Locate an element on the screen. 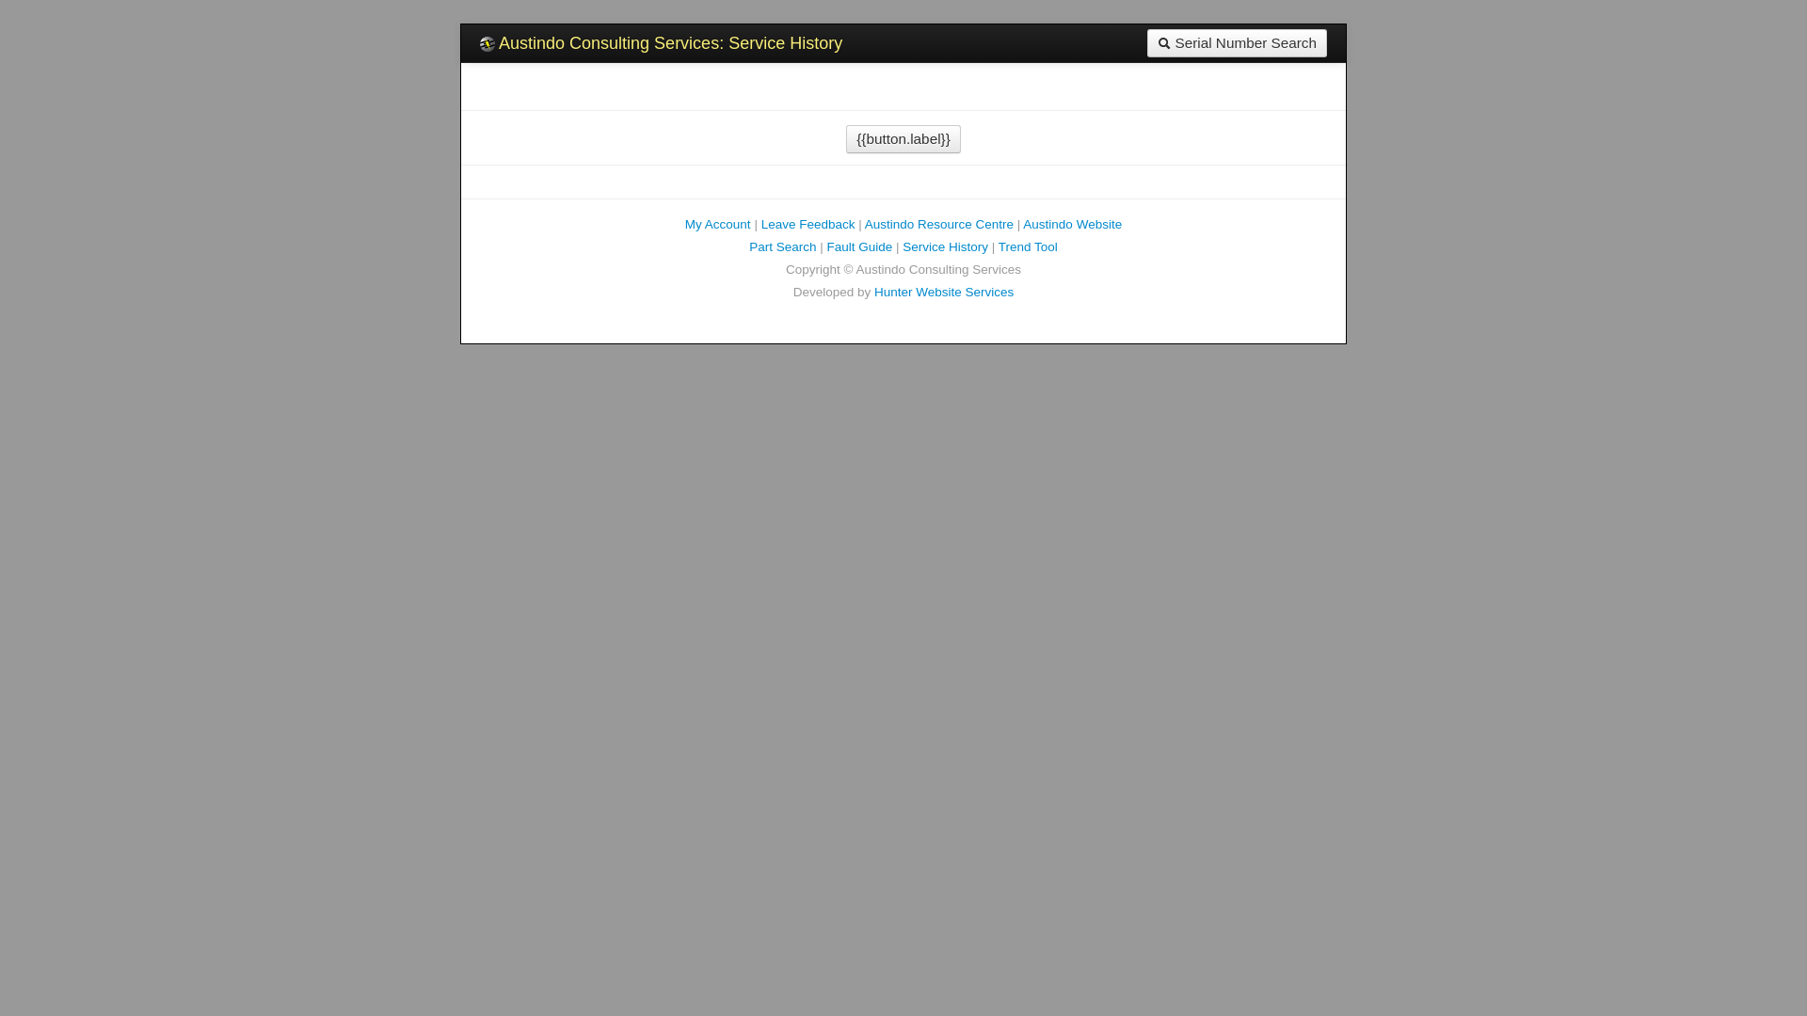 This screenshot has width=1807, height=1016. 'Leave Feedback' is located at coordinates (808, 223).